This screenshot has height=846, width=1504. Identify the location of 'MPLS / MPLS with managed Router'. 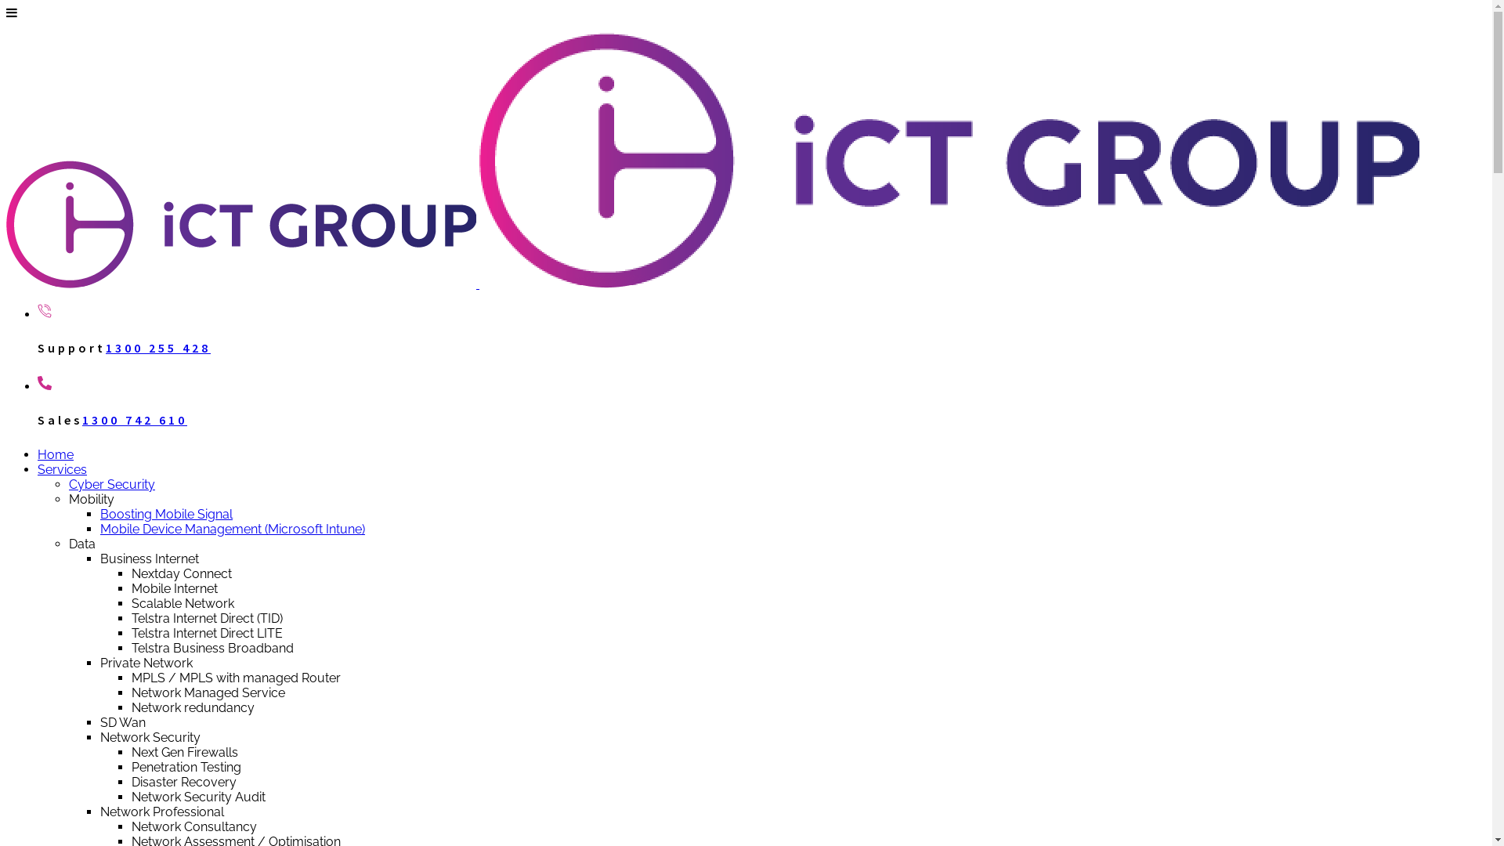
(235, 677).